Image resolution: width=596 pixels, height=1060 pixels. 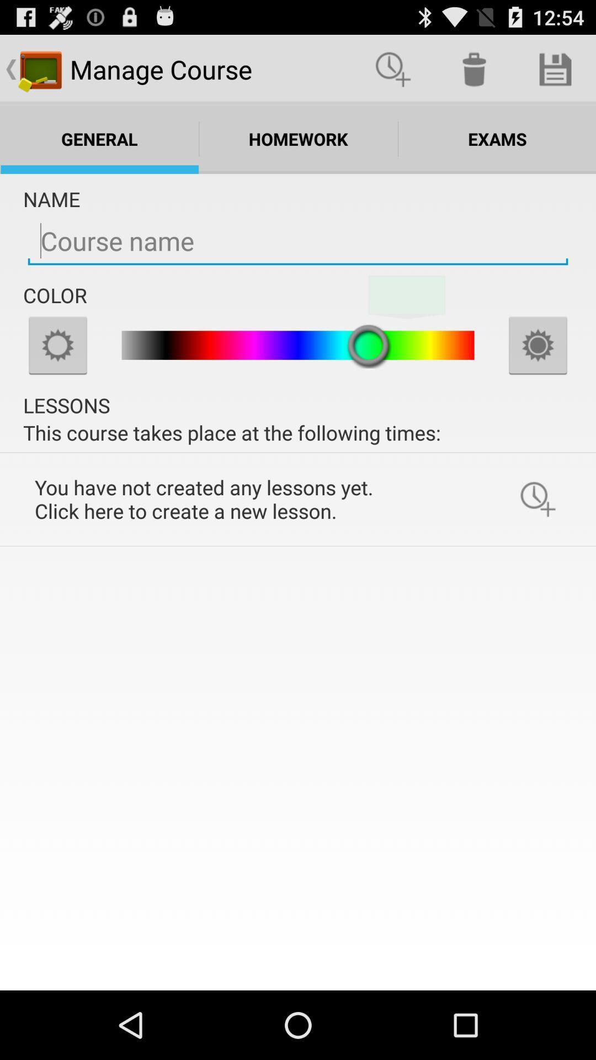 What do you see at coordinates (57, 344) in the screenshot?
I see `color` at bounding box center [57, 344].